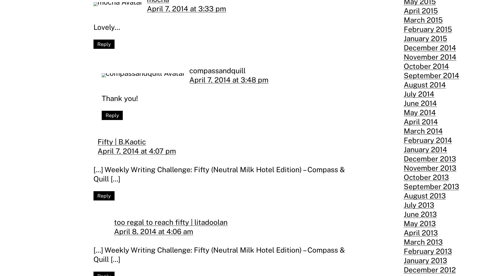 The image size is (488, 276). What do you see at coordinates (431, 186) in the screenshot?
I see `'September 2013'` at bounding box center [431, 186].